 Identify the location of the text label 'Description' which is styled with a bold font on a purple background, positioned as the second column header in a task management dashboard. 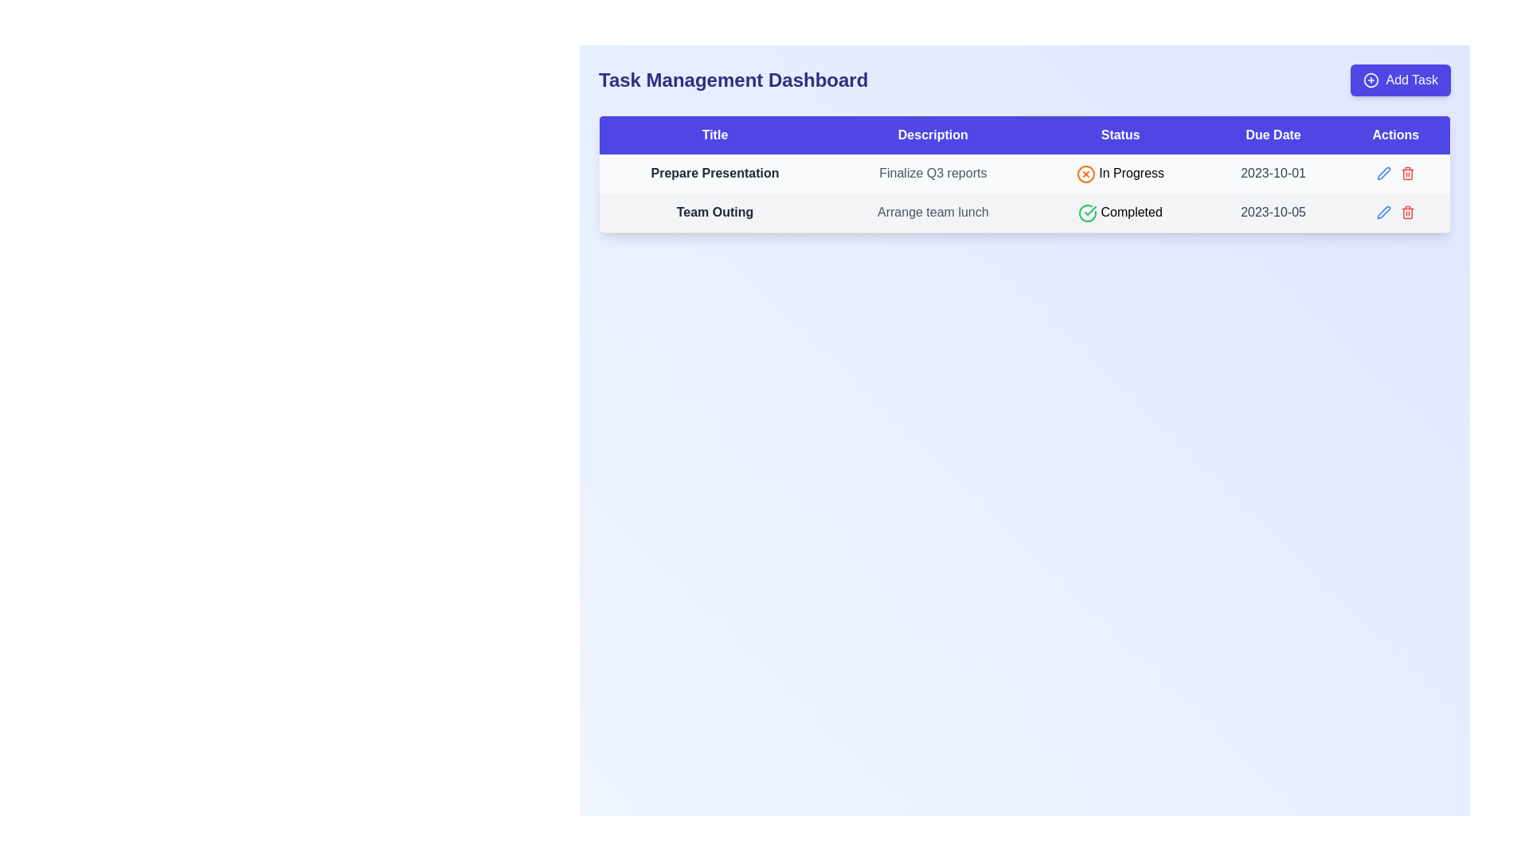
(933, 134).